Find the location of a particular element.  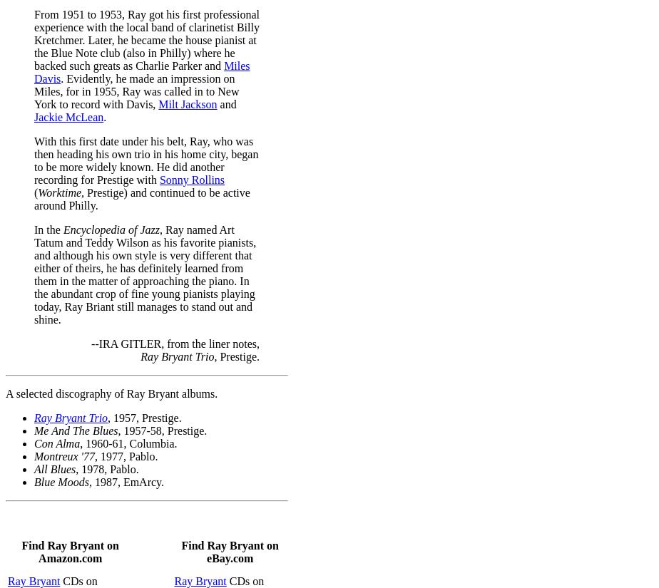

', 1978, Pablo.' is located at coordinates (106, 468).